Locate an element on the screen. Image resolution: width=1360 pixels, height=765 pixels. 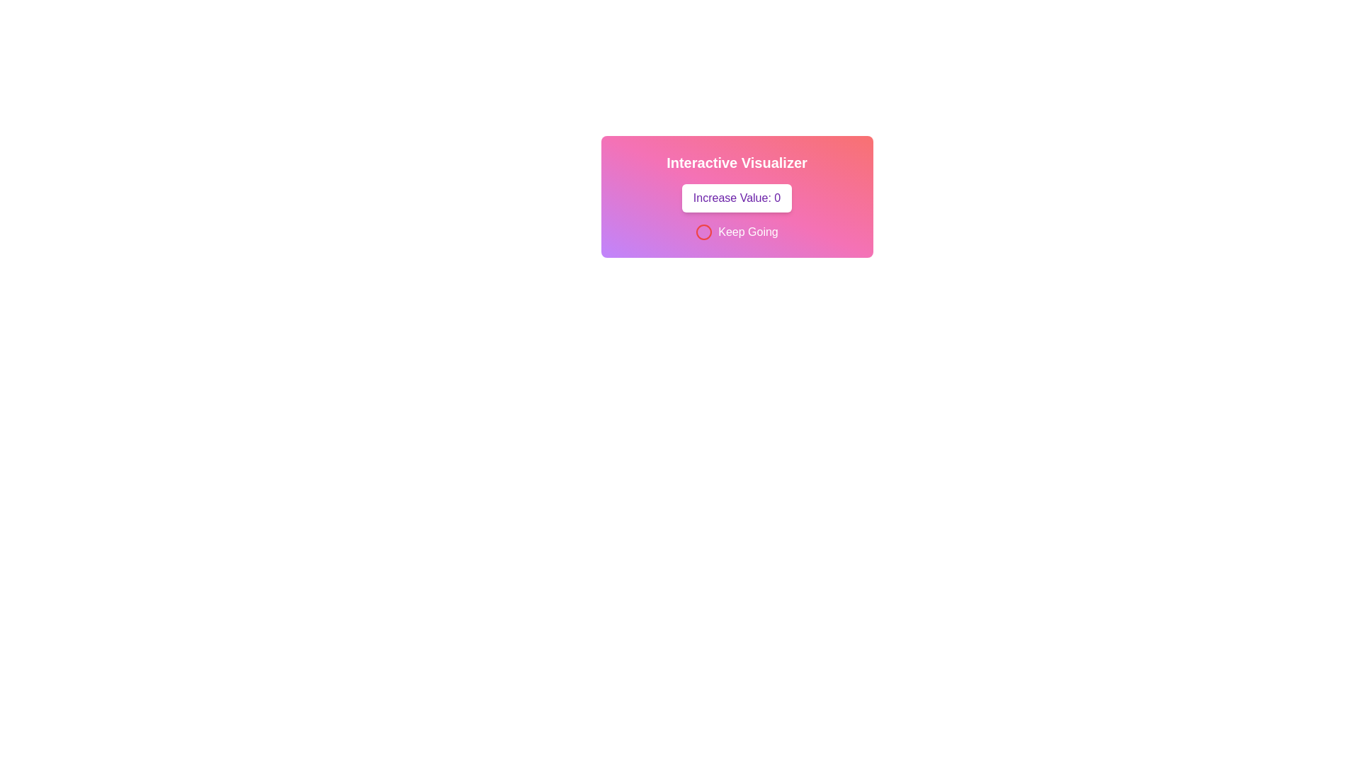
the visual indicator circle that is centrally aligned within the 'Keep Going' button, which draws attention to the interactive feature is located at coordinates (704, 231).